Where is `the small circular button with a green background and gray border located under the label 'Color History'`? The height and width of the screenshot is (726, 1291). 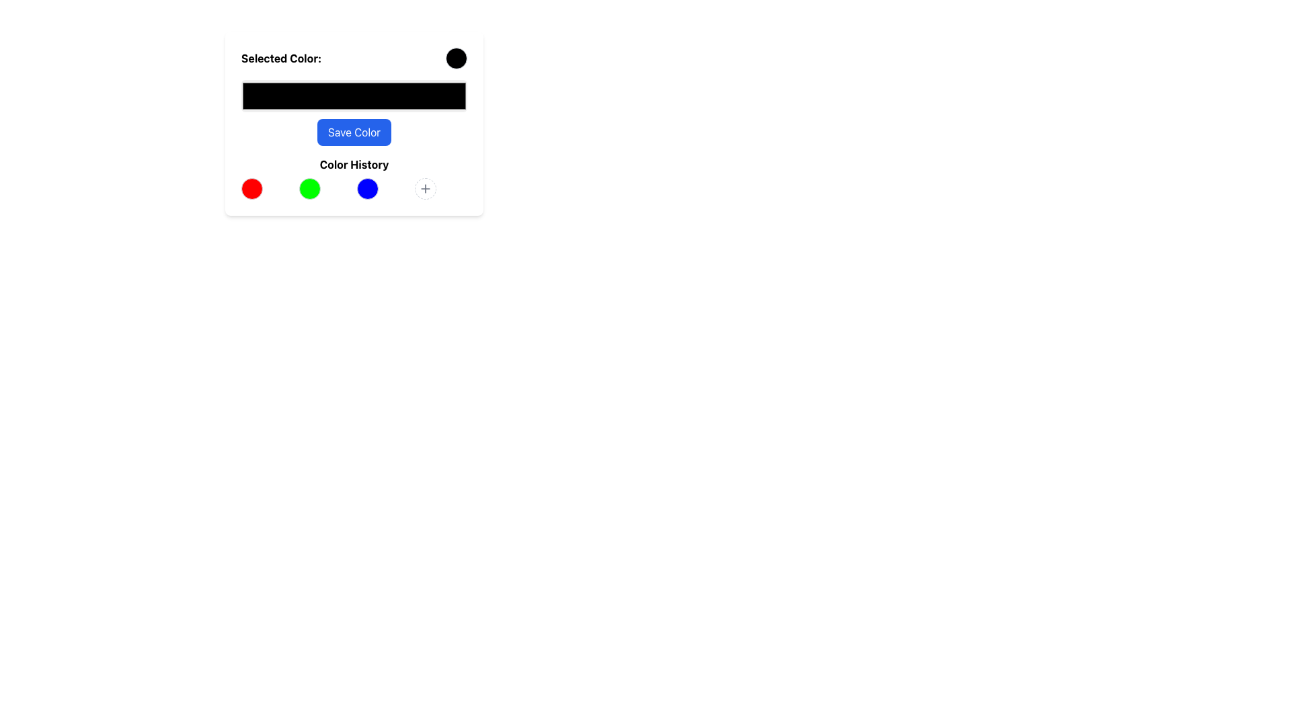 the small circular button with a green background and gray border located under the label 'Color History' is located at coordinates (309, 189).